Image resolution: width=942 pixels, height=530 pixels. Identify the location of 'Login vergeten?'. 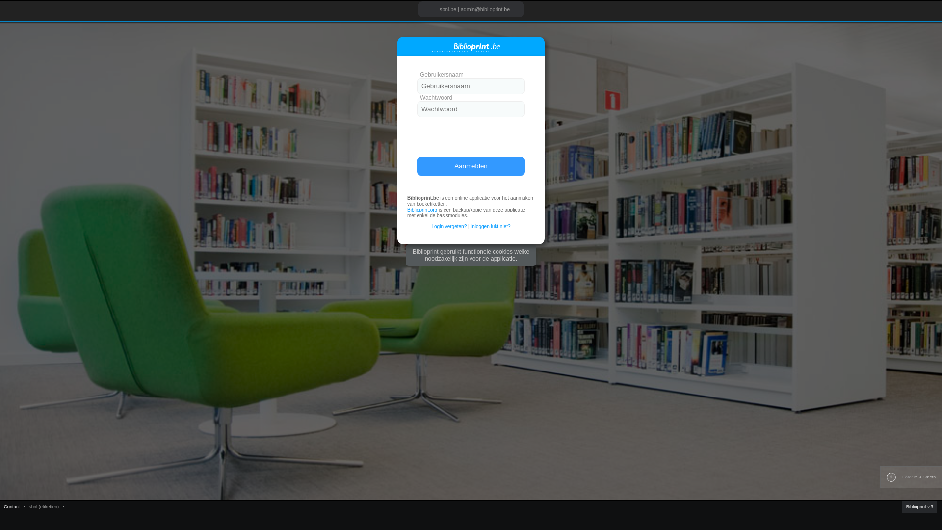
(431, 226).